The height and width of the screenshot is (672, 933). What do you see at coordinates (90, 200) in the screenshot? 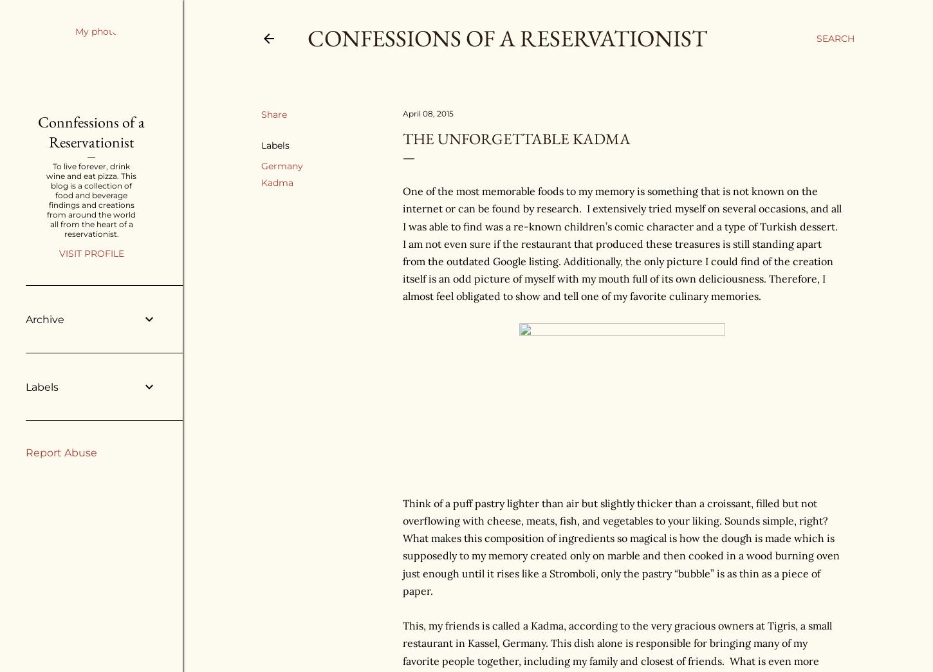
I see `'To live forever, drink wine and eat pizza. This blog is a collection of food and beverage findings and creations from around the world all from the heart of a reservationist.'` at bounding box center [90, 200].